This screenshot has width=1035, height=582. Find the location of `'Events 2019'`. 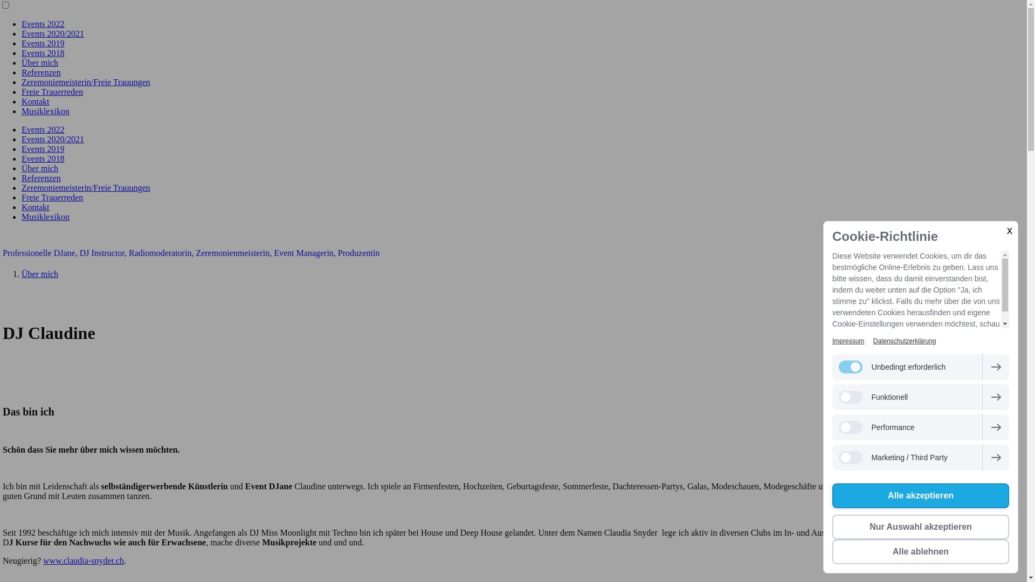

'Events 2019' is located at coordinates (43, 149).